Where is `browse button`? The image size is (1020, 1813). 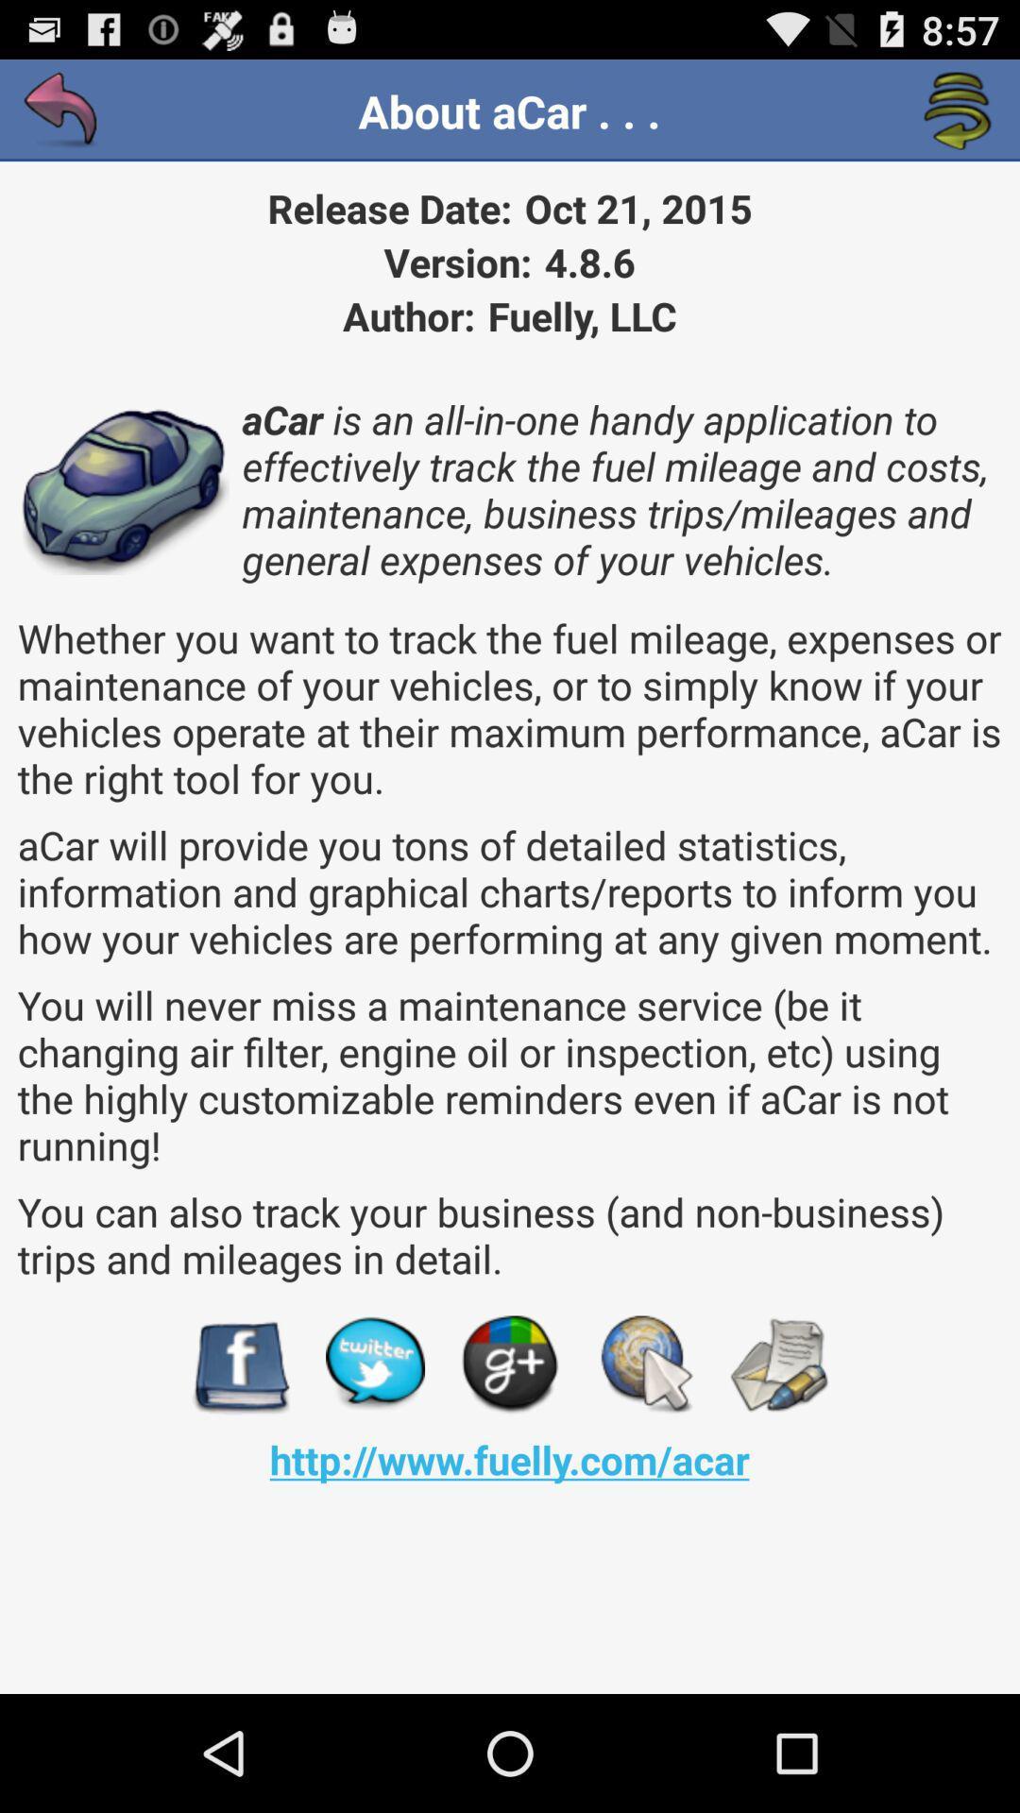 browse button is located at coordinates (643, 1364).